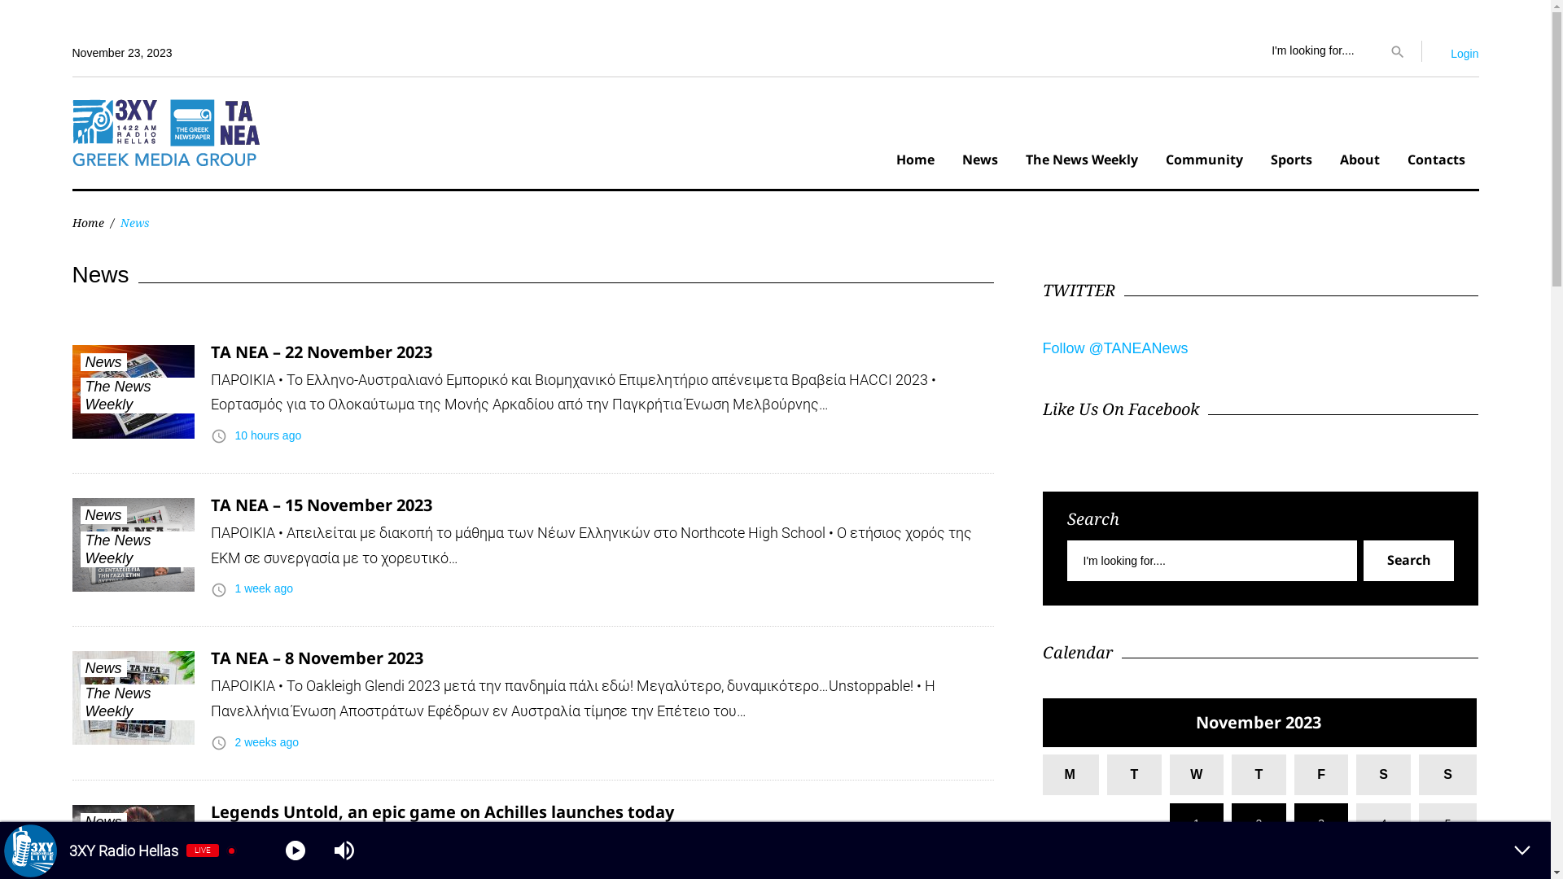 This screenshot has height=879, width=1563. Describe the element at coordinates (102, 514) in the screenshot. I see `'News'` at that location.